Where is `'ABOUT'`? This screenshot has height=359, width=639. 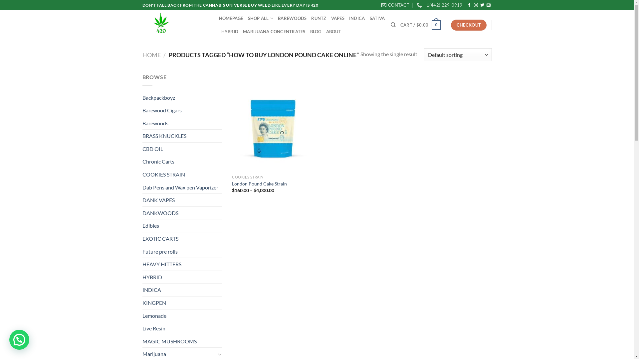 'ABOUT' is located at coordinates (333, 32).